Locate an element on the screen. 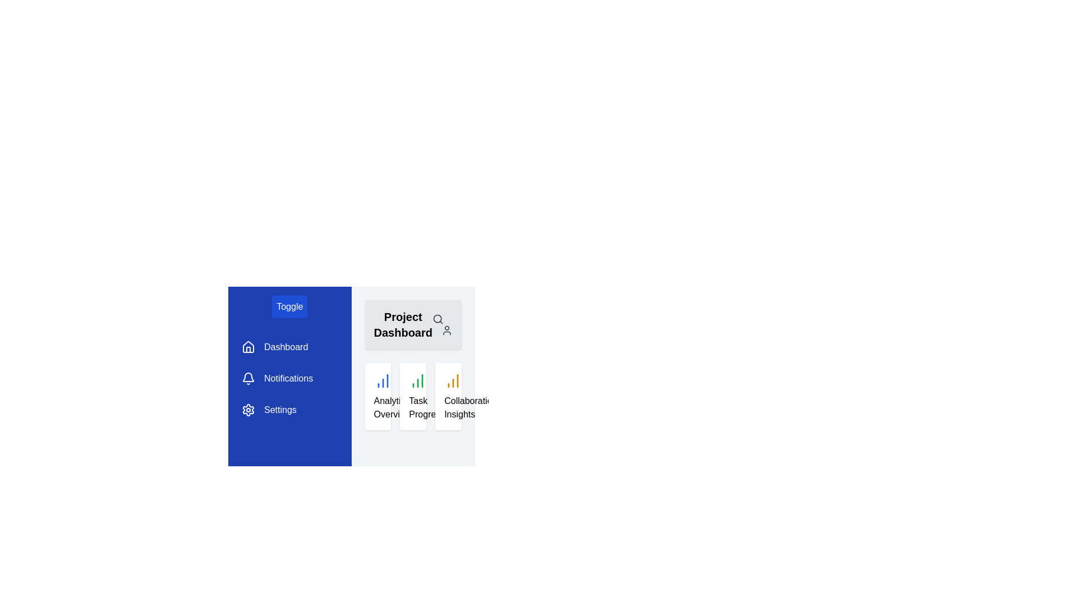  the central circular vector shape of the search icon, which represents the lens of a magnifying glass, located near the top-right corner of the interface is located at coordinates (437, 319).